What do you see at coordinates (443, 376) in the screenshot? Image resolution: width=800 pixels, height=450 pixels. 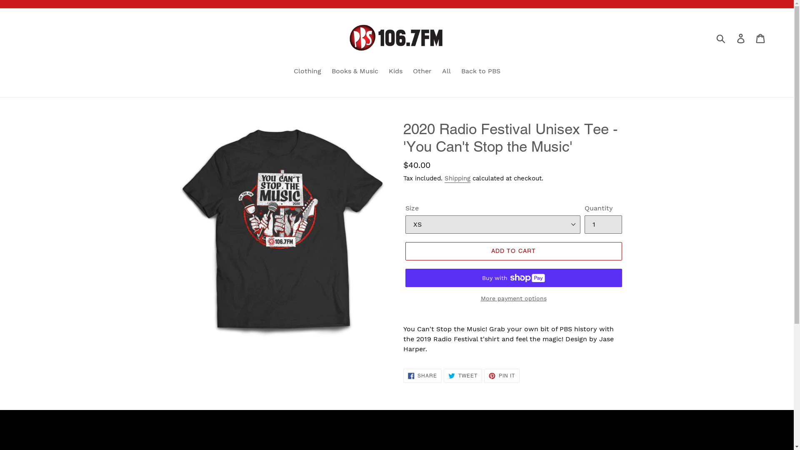 I see `'TWEET` at bounding box center [443, 376].